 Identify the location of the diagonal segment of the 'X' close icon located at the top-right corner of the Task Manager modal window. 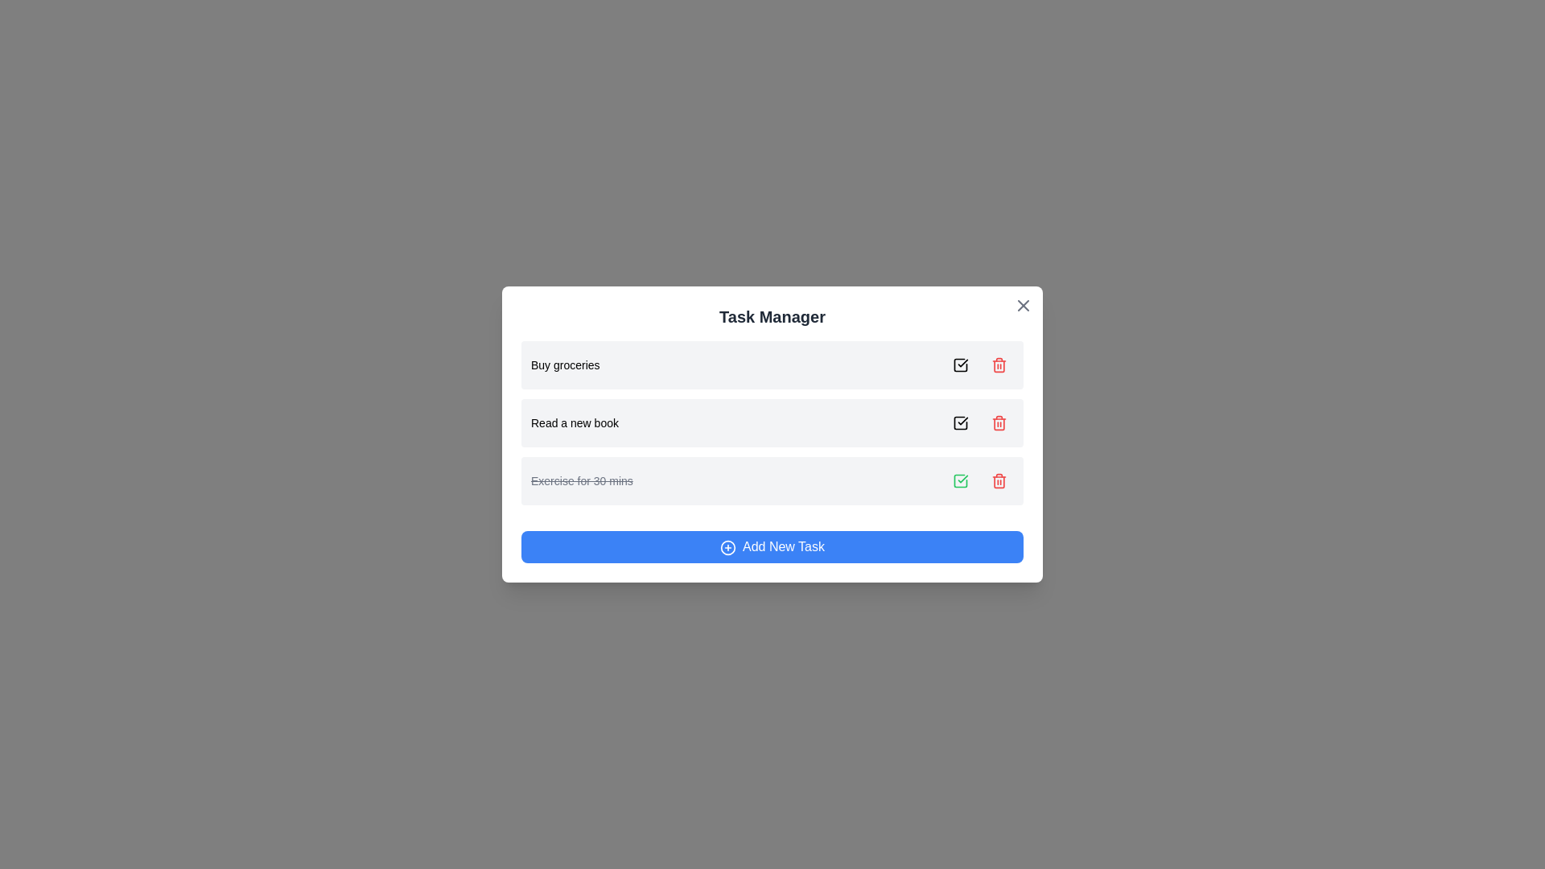
(1023, 306).